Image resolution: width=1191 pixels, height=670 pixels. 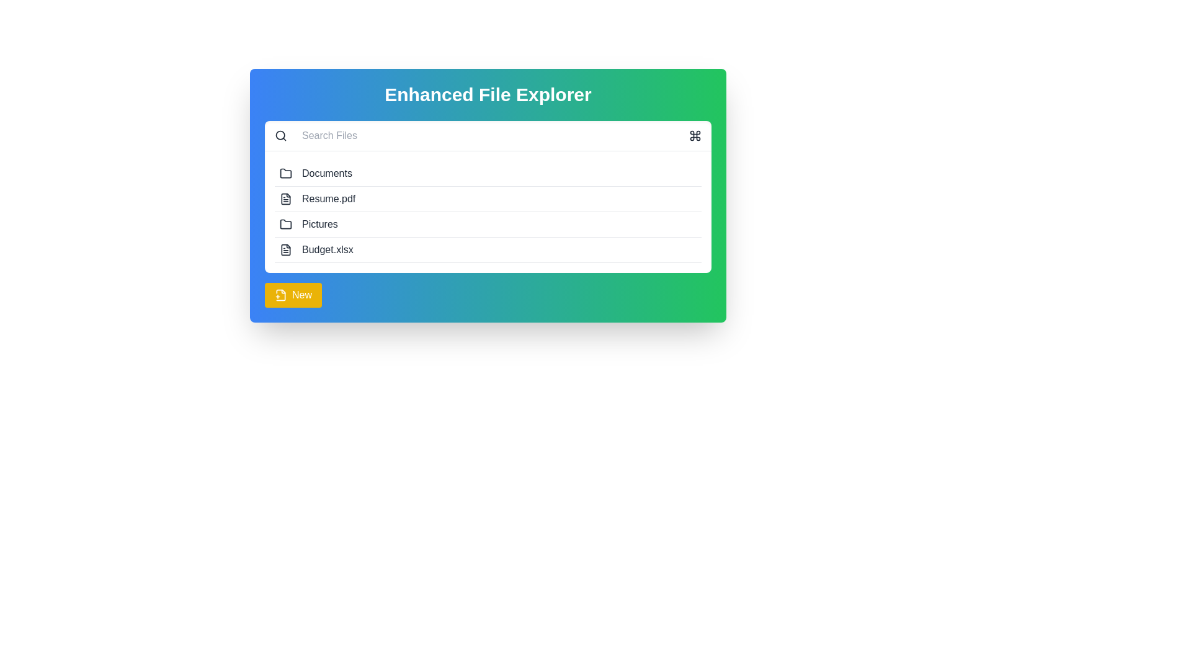 I want to click on the 'Documents' folder icon, so click(x=285, y=174).